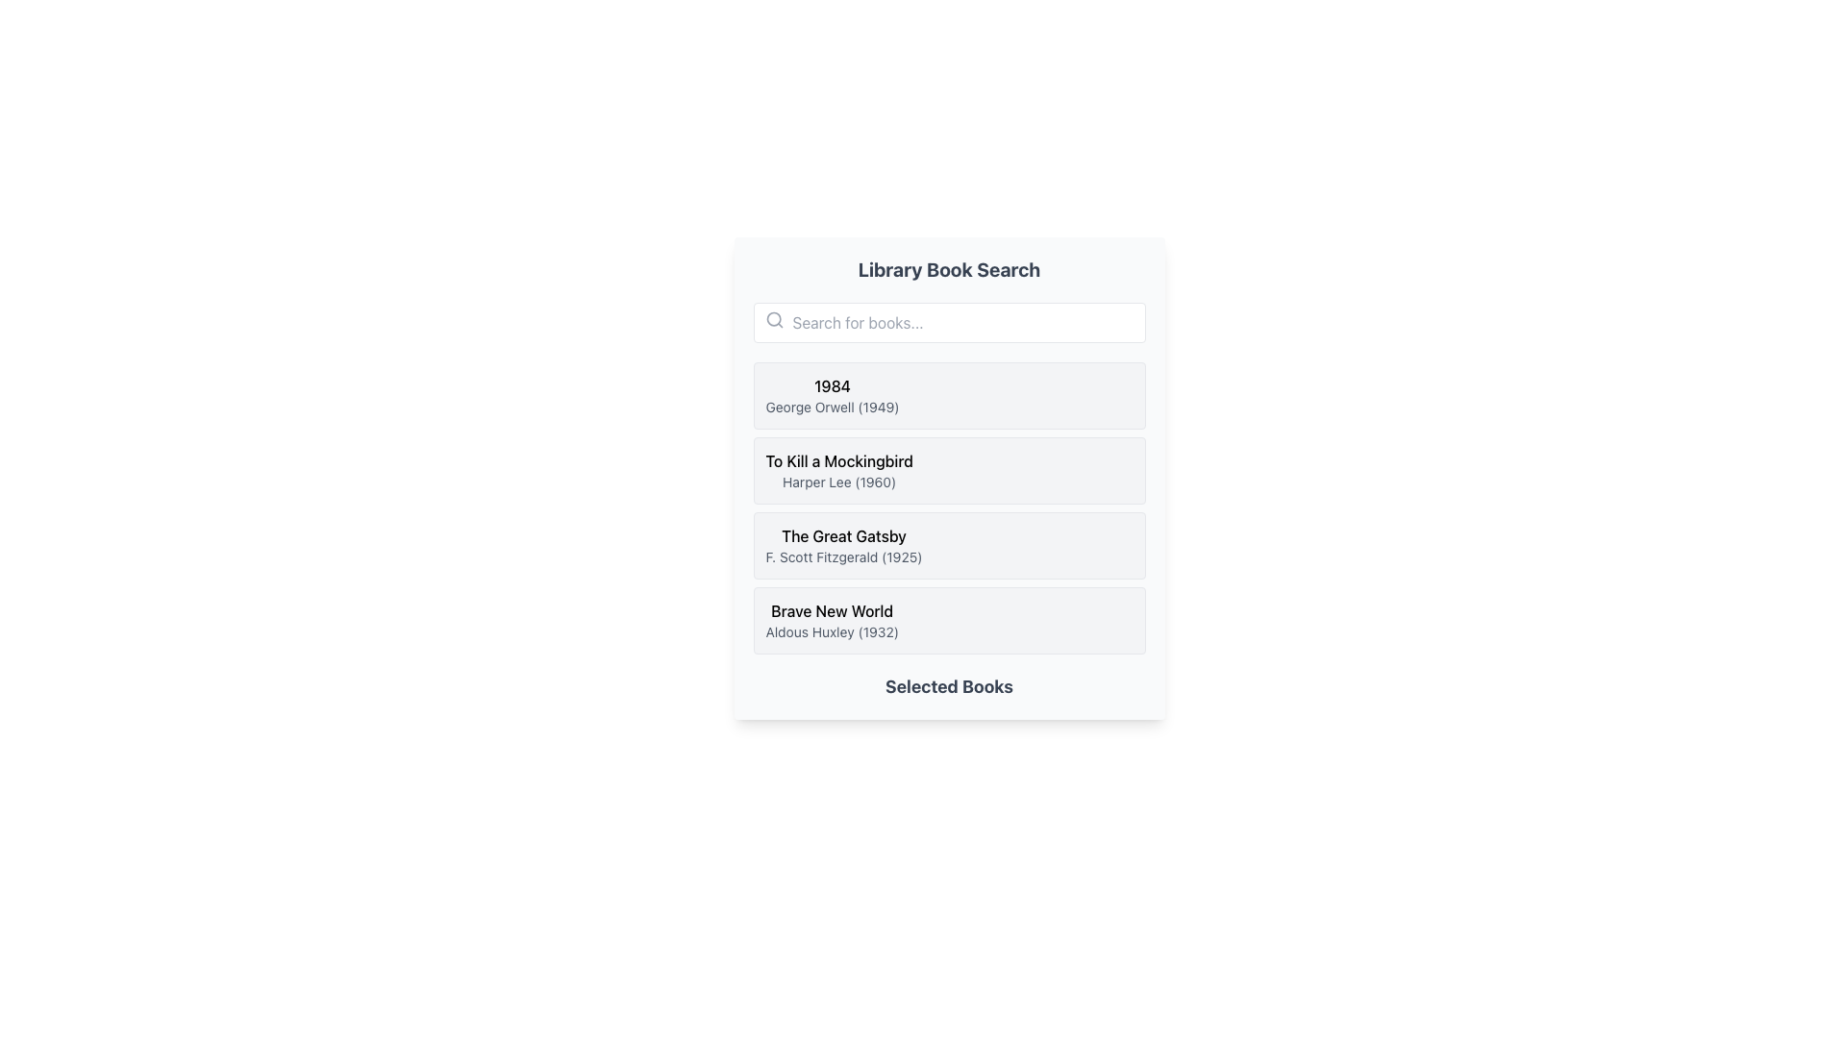 This screenshot has width=1846, height=1038. What do you see at coordinates (949, 270) in the screenshot?
I see `the bold text label displaying 'Library Book Search' located at the top of the search input field` at bounding box center [949, 270].